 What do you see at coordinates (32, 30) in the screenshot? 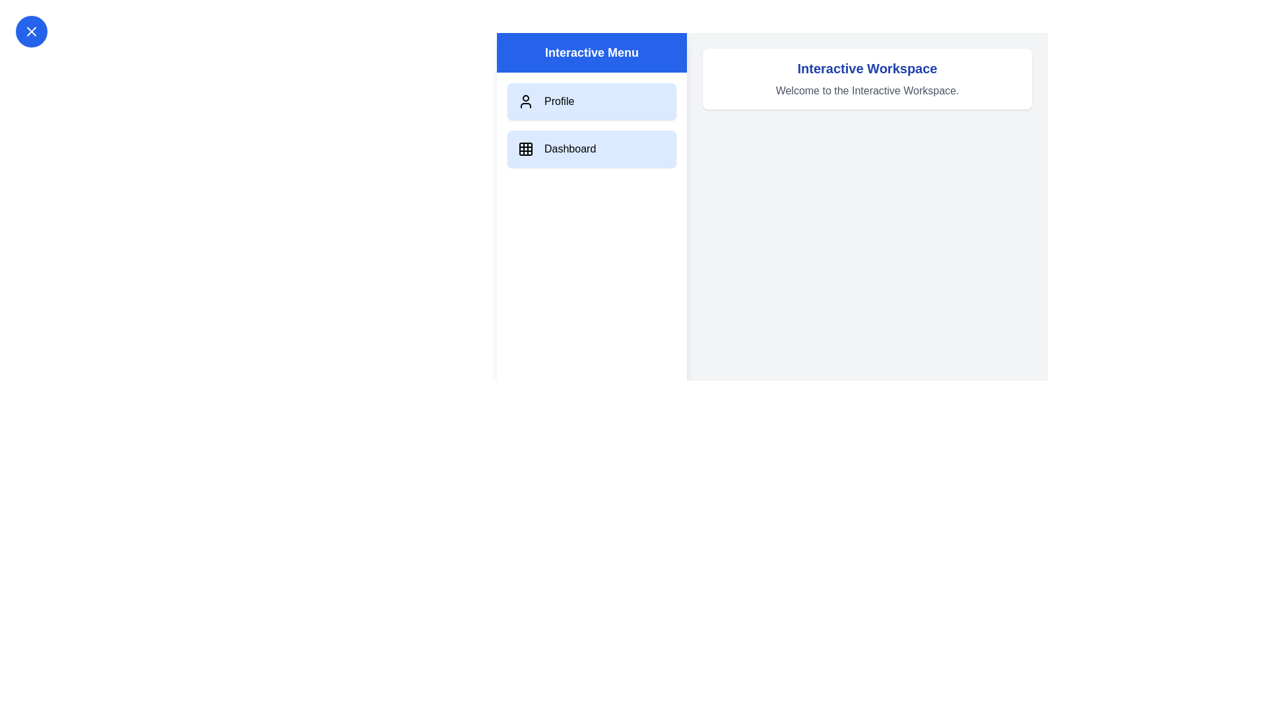
I see `top-left button to toggle the drawer menu` at bounding box center [32, 30].